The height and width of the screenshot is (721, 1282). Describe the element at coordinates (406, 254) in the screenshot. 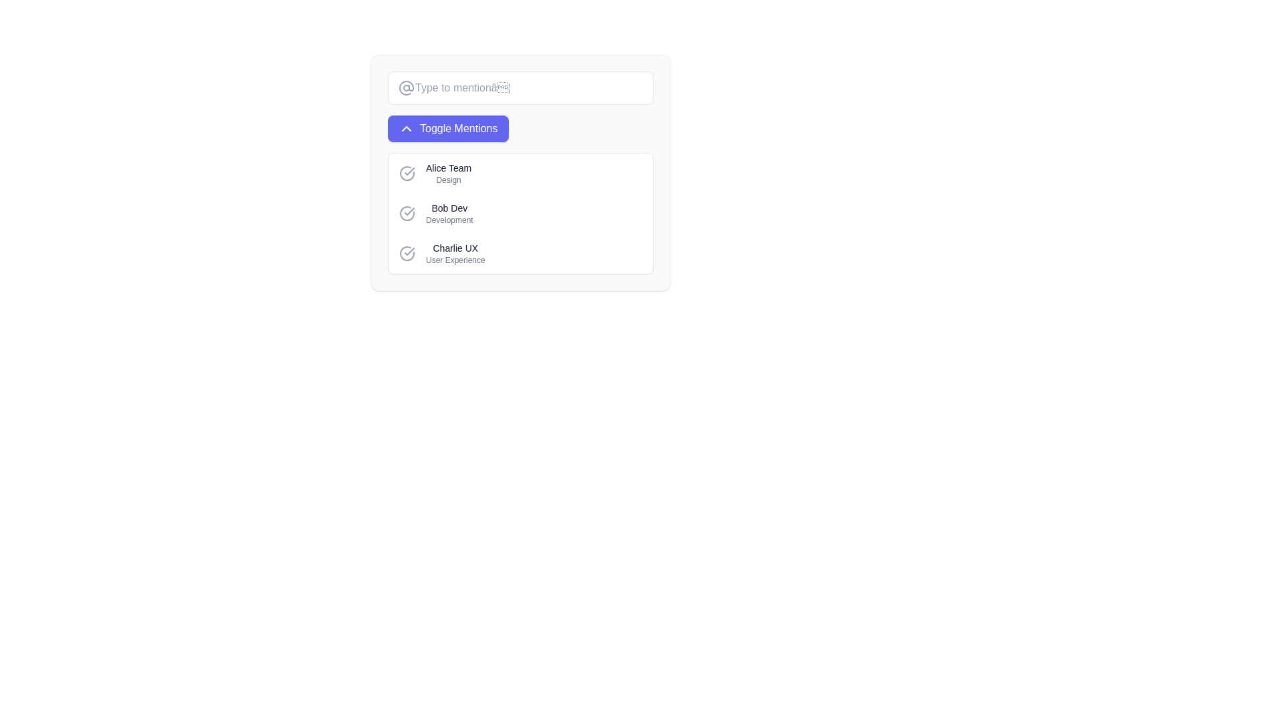

I see `the rounded gray icon with a checkmark inside, positioned to the left of the text 'Charlie UX'` at that location.